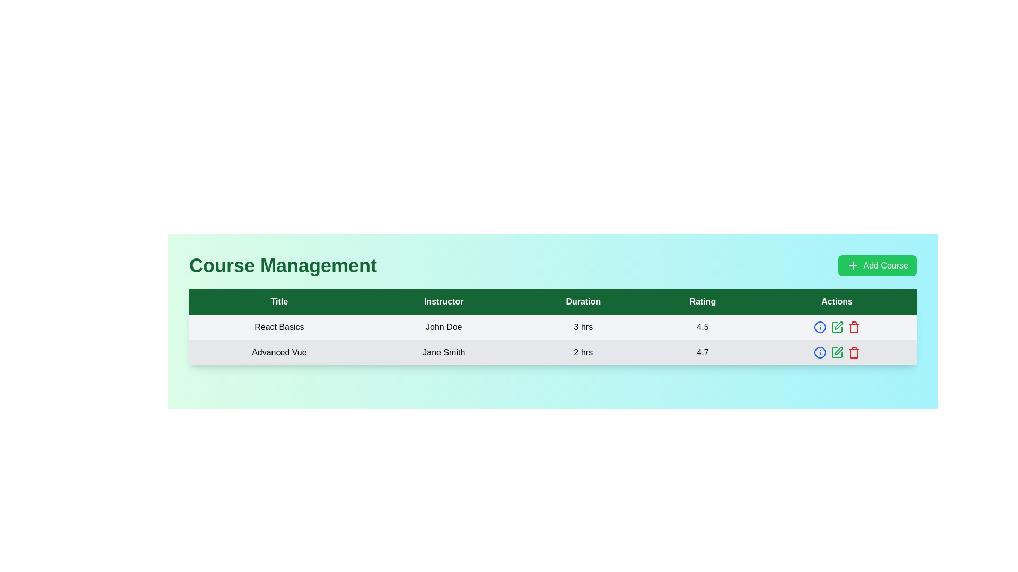 This screenshot has width=1018, height=572. Describe the element at coordinates (552, 353) in the screenshot. I see `the second row of the course management application's data table` at that location.